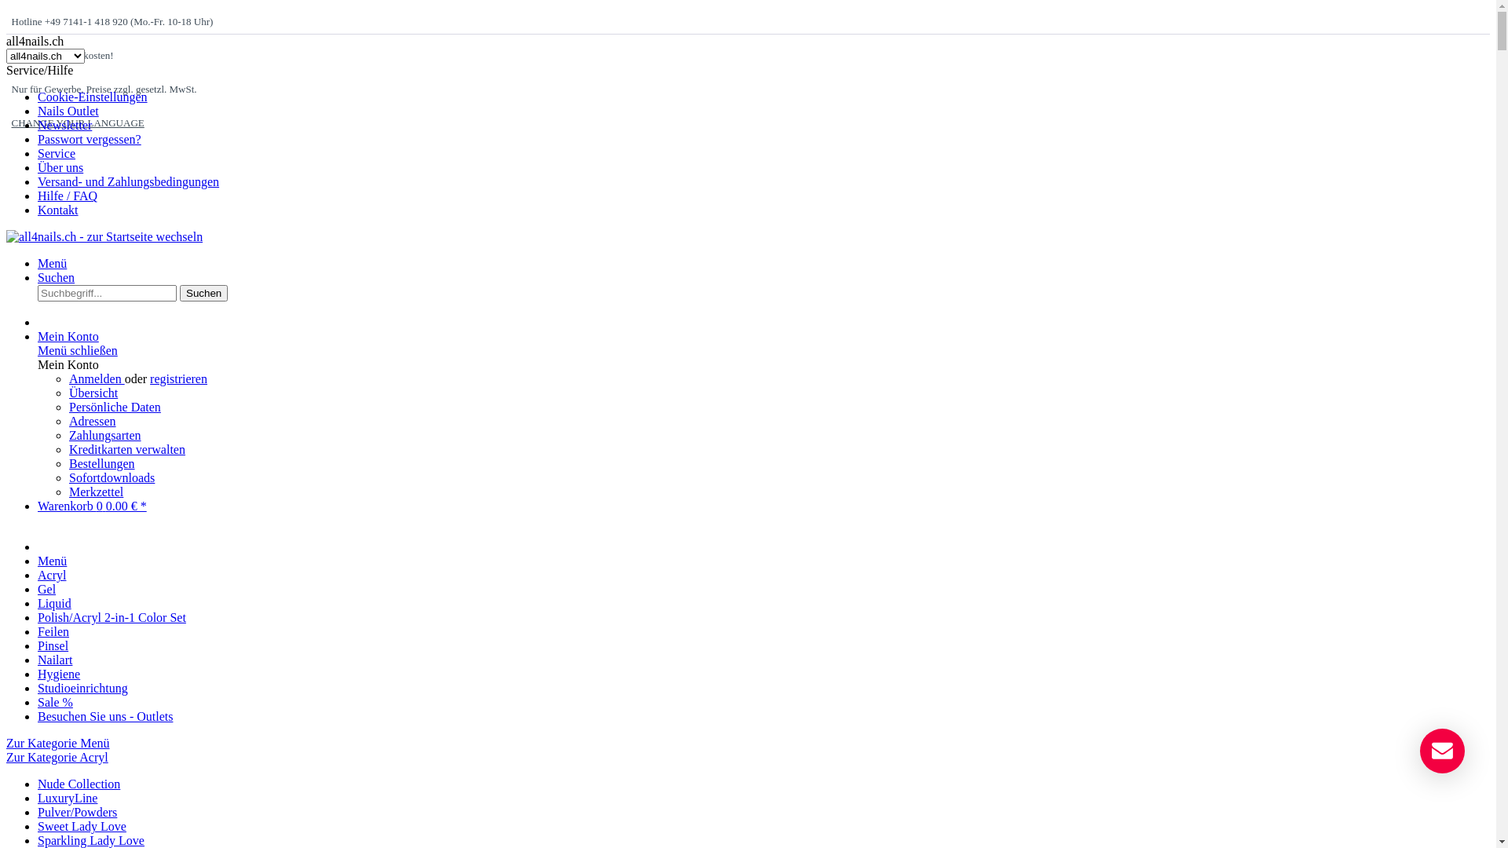  I want to click on 'Gel', so click(46, 589).